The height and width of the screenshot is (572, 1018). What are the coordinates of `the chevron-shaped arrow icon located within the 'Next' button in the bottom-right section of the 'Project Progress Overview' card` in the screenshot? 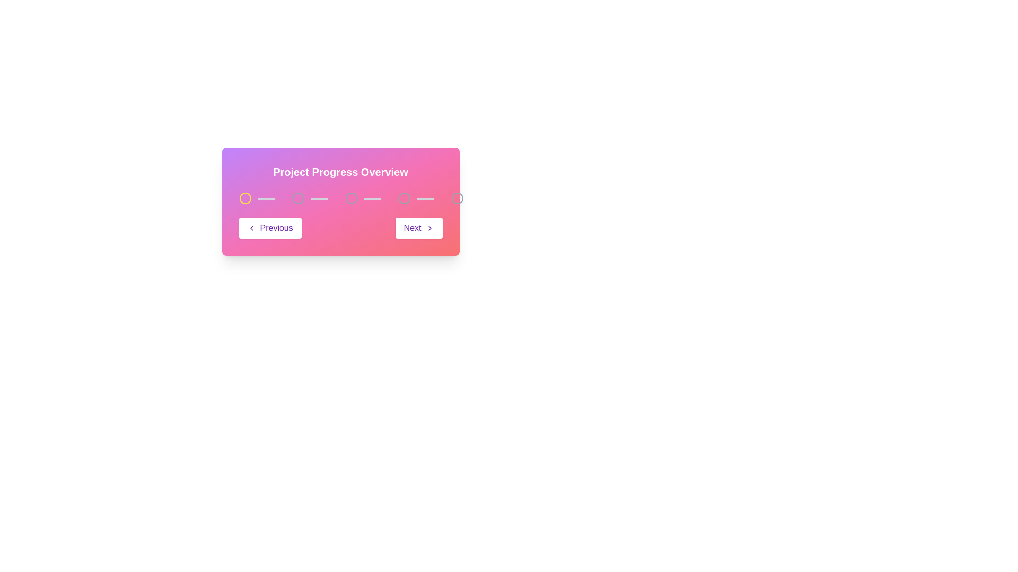 It's located at (429, 228).